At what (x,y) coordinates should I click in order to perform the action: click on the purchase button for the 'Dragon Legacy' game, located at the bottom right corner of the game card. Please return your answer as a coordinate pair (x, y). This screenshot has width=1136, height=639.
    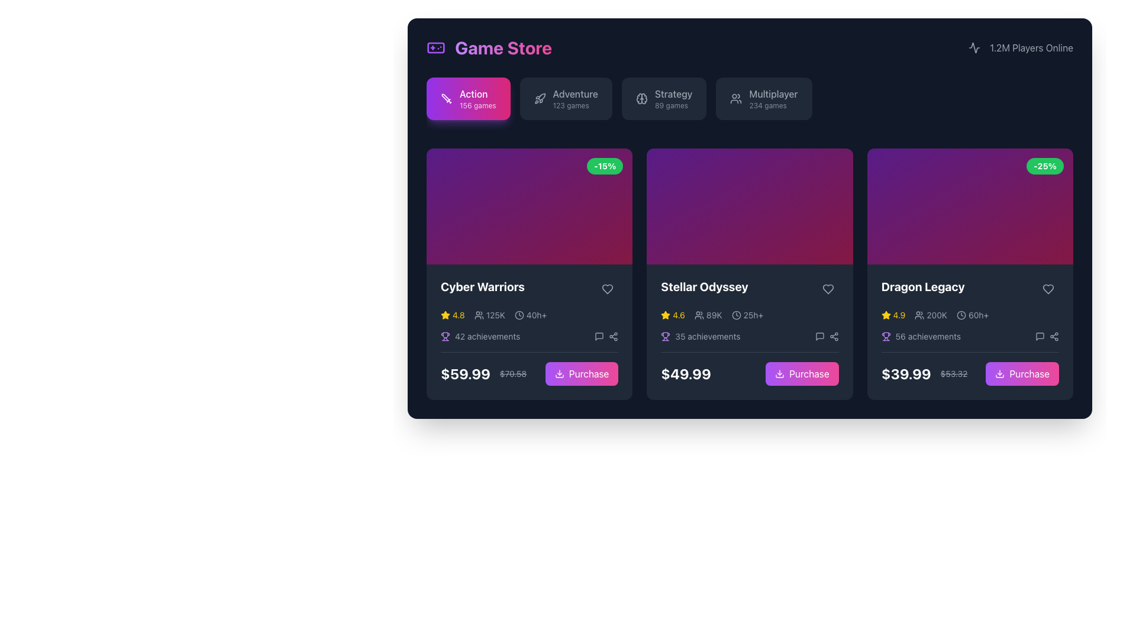
    Looking at the image, I should click on (970, 368).